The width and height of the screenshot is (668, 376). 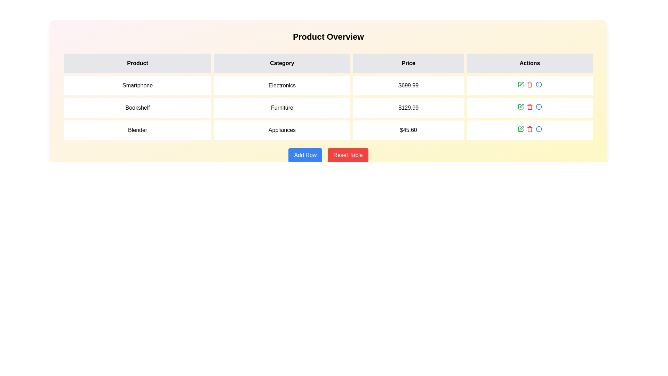 What do you see at coordinates (538, 84) in the screenshot?
I see `the circular icon with a blue border and white background located in the 'Actions' column of the third row of the table to retrieve information` at bounding box center [538, 84].